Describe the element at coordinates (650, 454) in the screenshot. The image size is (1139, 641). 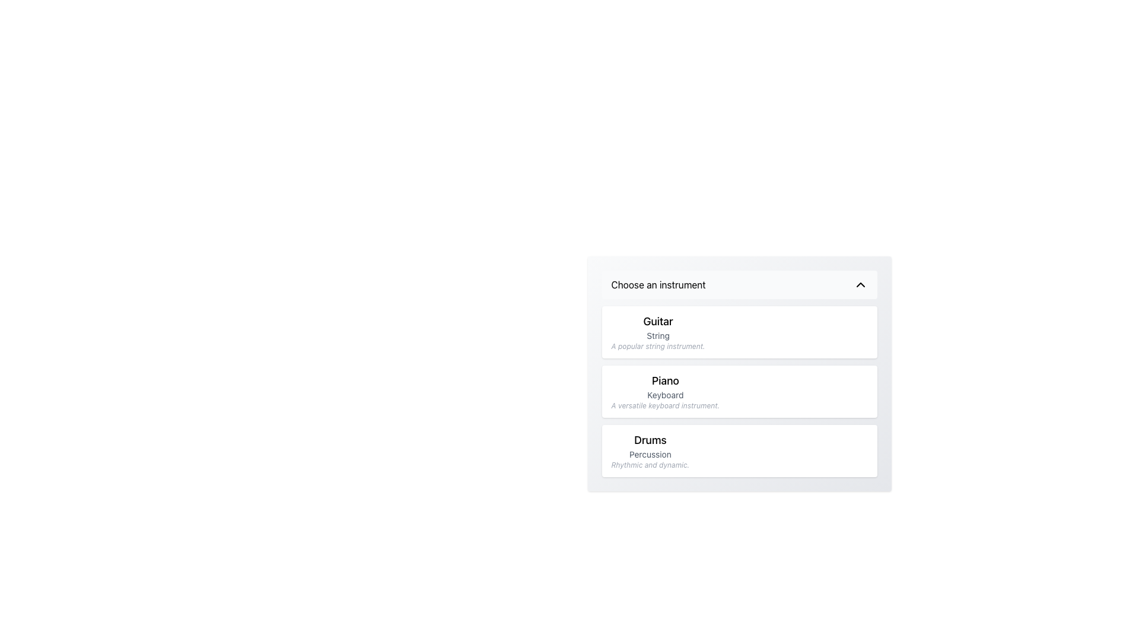
I see `the static text label element that describes the 'Drums' item, which is centered below the title 'Drums' and above the tagline 'Rhythmic and dynamic.'` at that location.